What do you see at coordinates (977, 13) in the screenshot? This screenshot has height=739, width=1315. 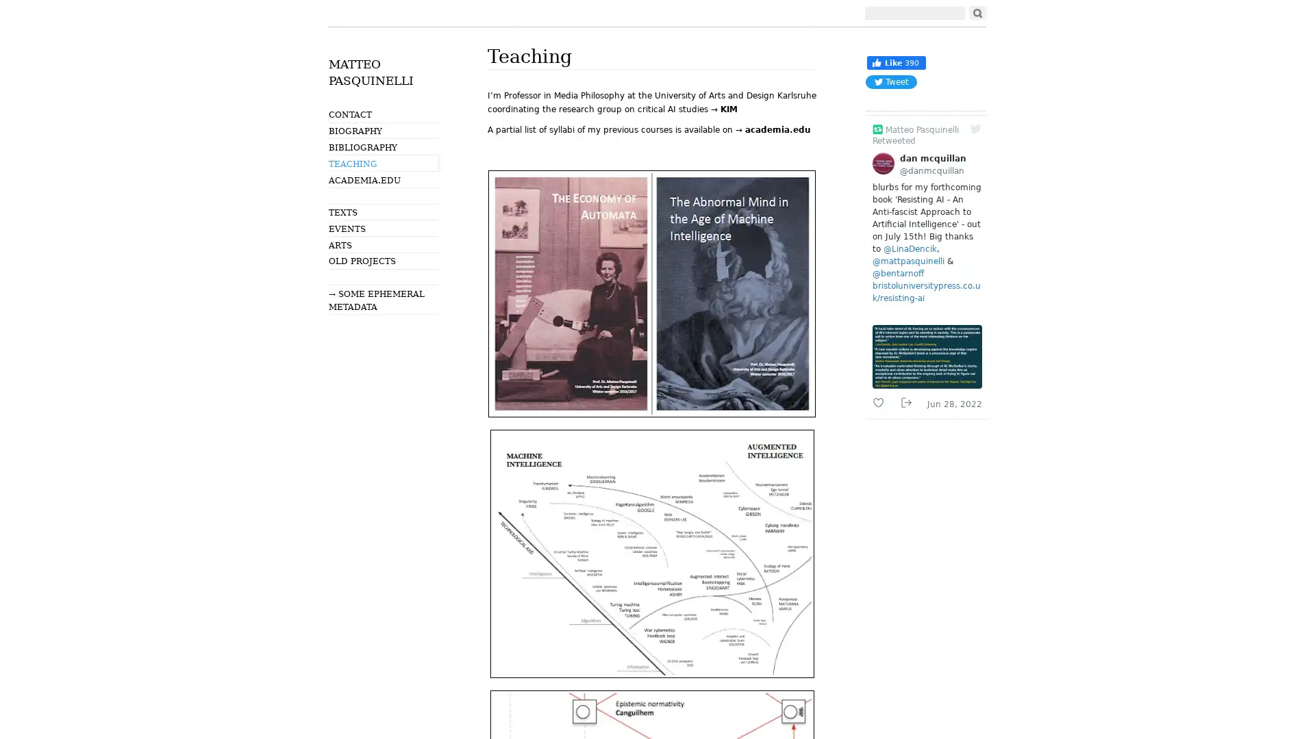 I see `Go` at bounding box center [977, 13].